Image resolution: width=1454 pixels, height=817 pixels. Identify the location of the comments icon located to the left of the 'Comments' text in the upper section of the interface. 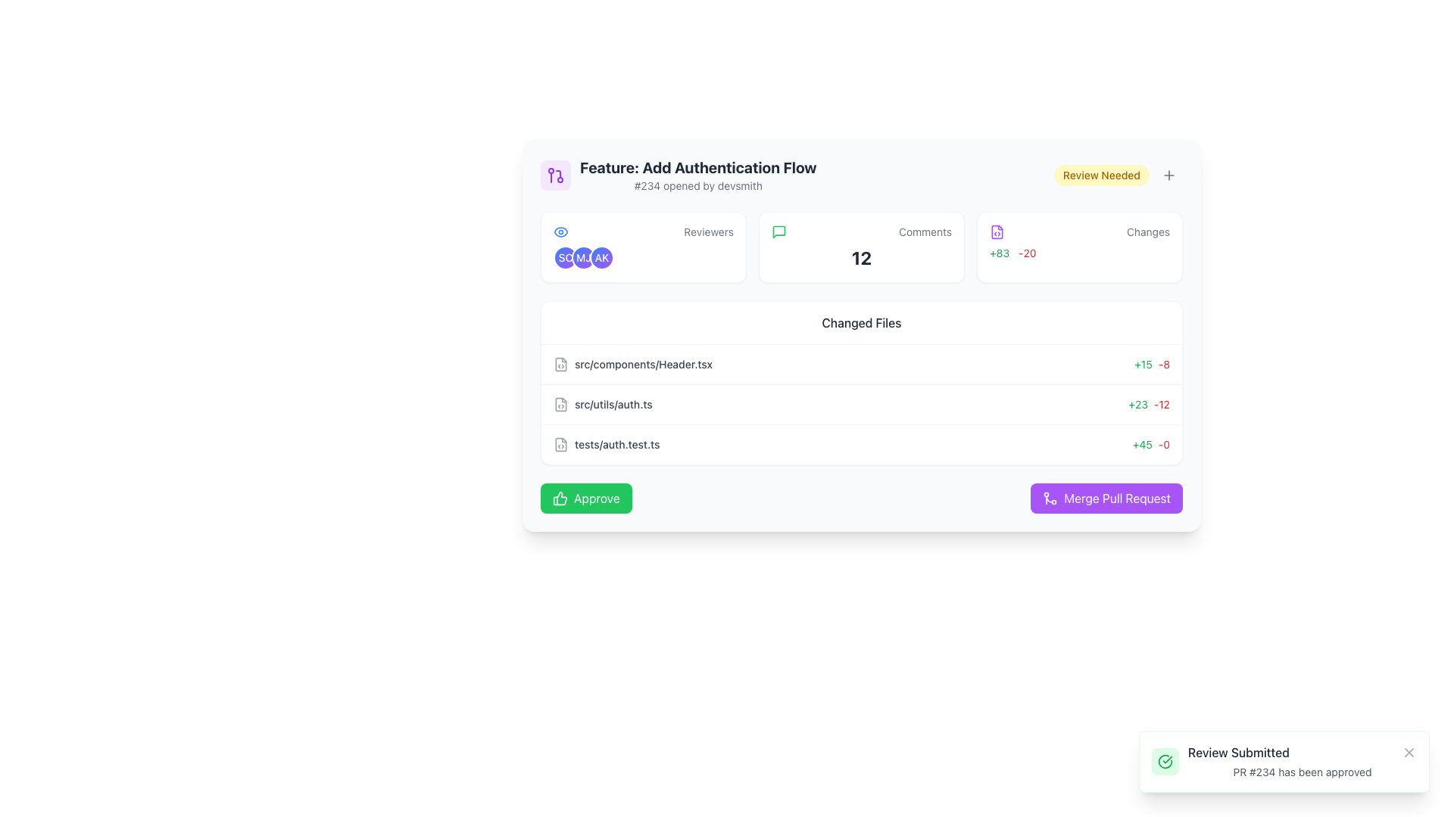
(778, 232).